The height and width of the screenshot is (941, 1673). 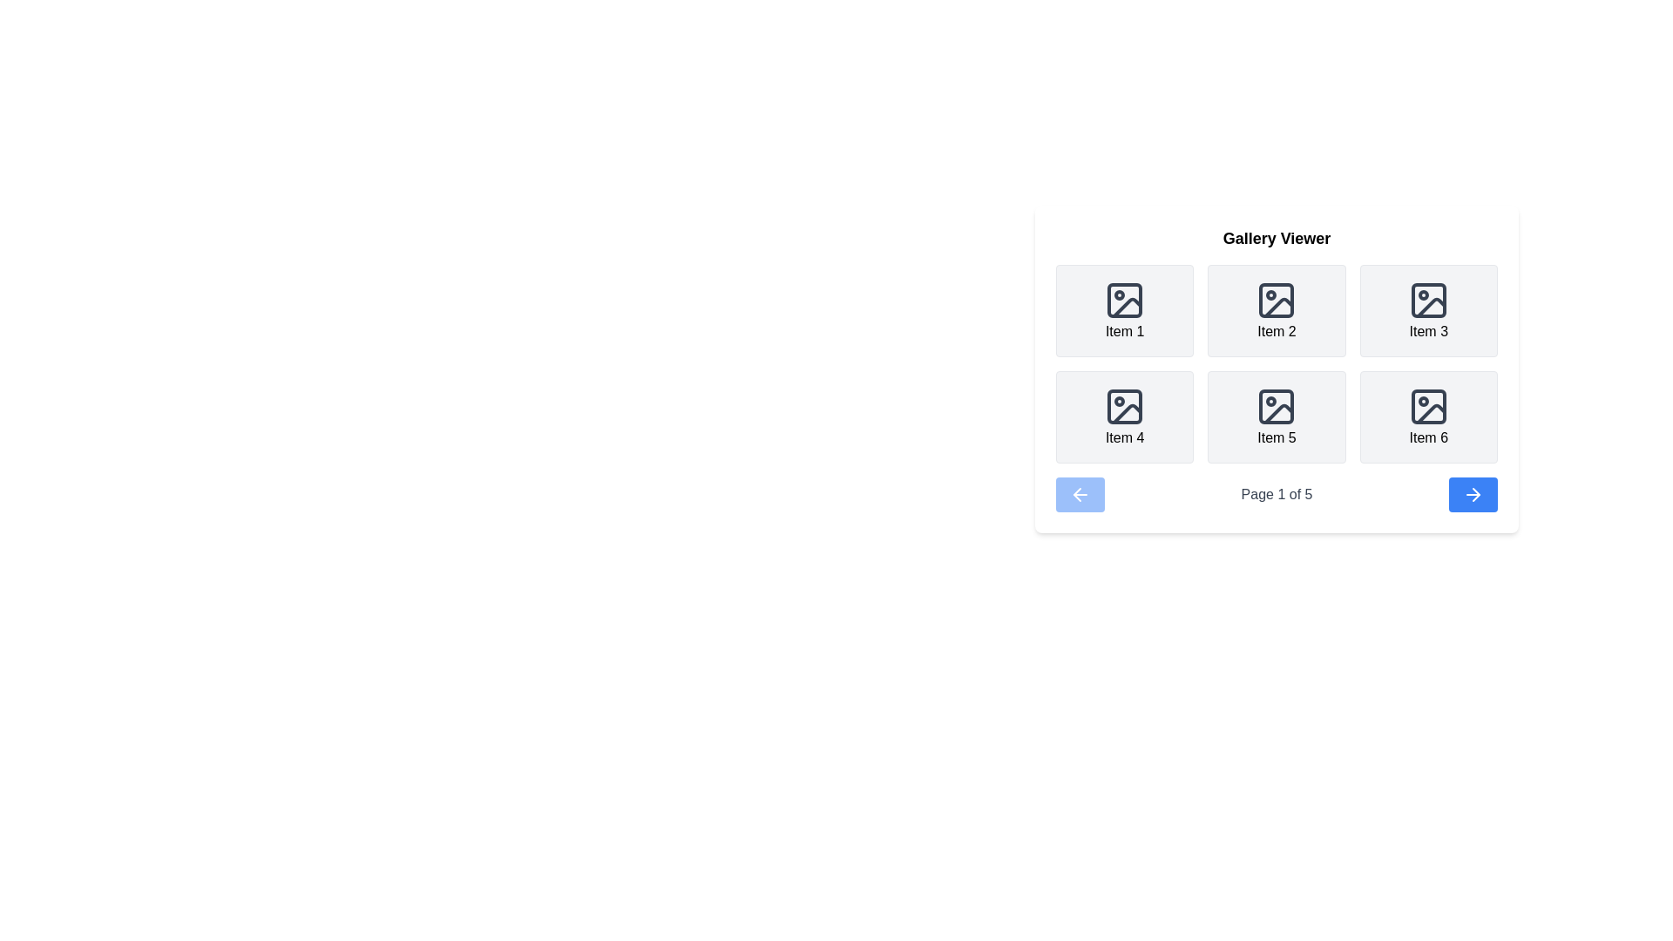 I want to click on the decorative graphical element that serves as the rectangular background for the icon in Item 3 of the gallery grid, so click(x=1428, y=299).